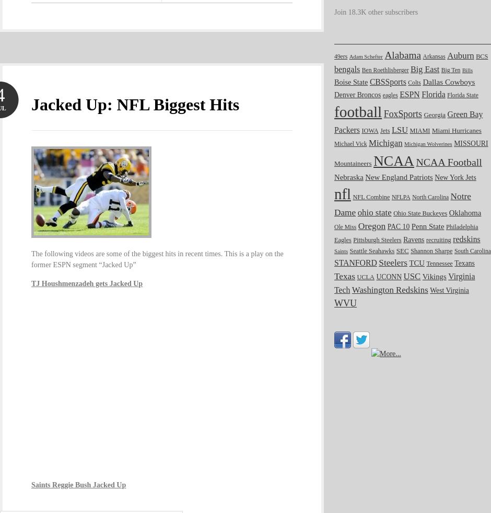 Image resolution: width=491 pixels, height=513 pixels. Describe the element at coordinates (345, 226) in the screenshot. I see `'Ole Miss'` at that location.